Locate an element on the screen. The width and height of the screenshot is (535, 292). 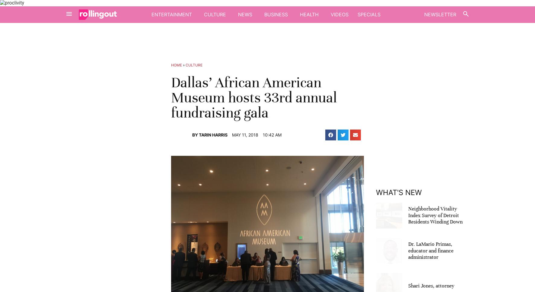
'Specials' is located at coordinates (368, 14).